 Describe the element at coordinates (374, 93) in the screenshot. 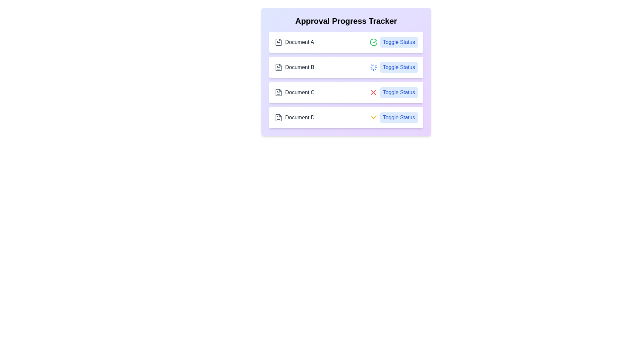

I see `the small red cross icon located to the right of 'Document C' and to the left of the 'Toggle Status' button` at that location.